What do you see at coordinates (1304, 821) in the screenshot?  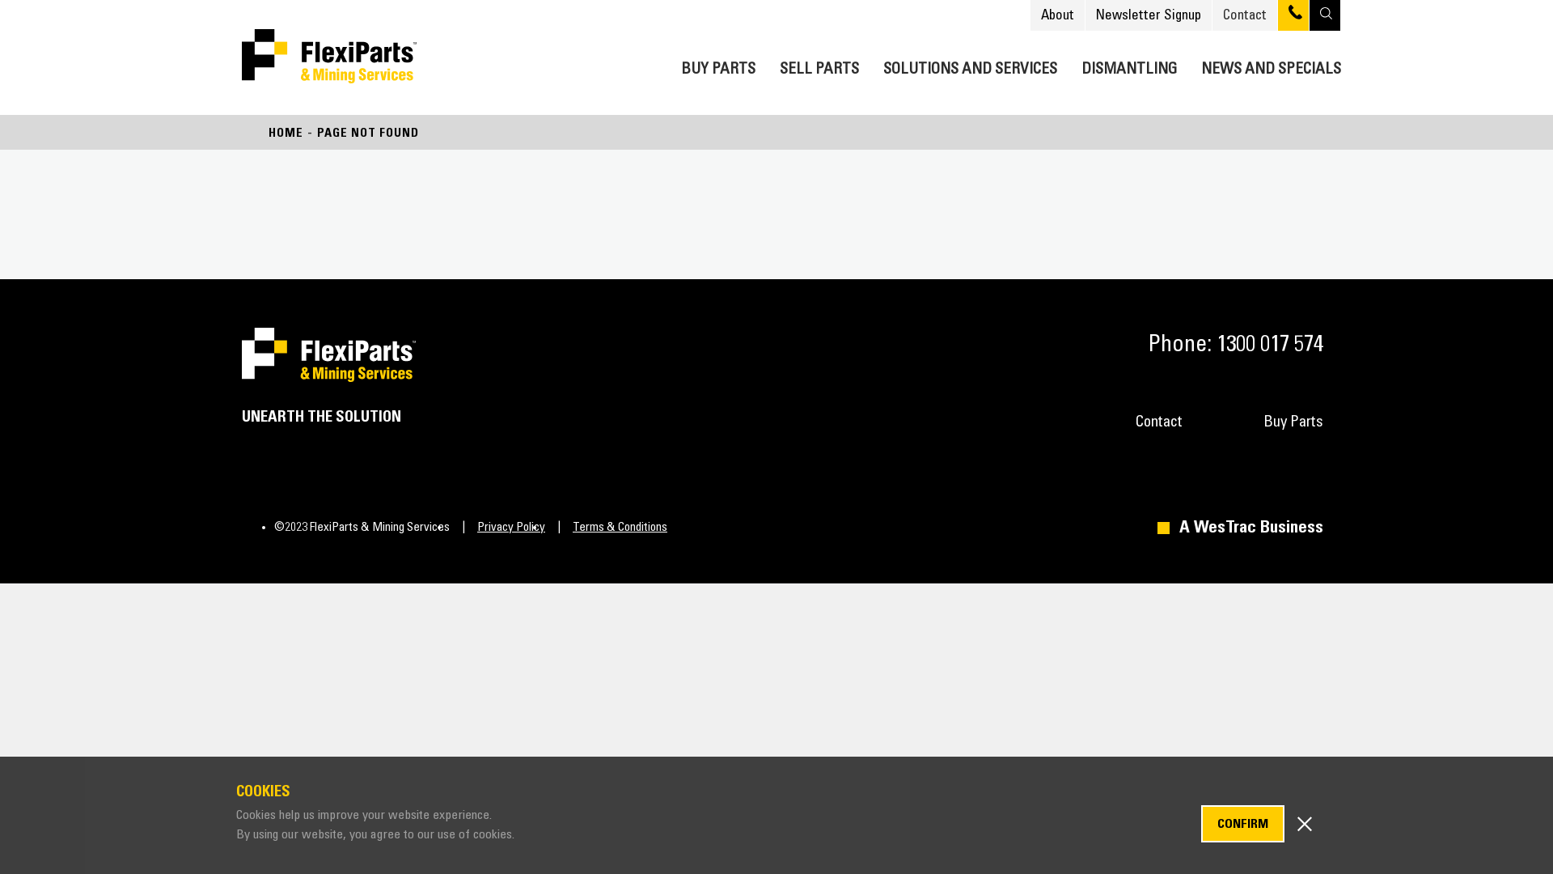 I see `'X'` at bounding box center [1304, 821].